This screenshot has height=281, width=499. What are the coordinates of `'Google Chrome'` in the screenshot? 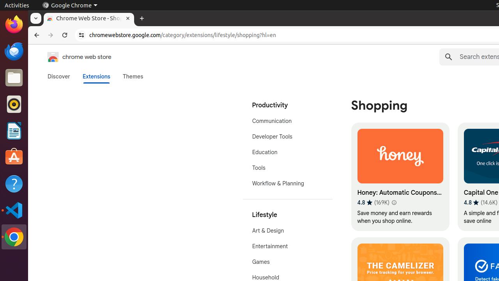 It's located at (69, 5).